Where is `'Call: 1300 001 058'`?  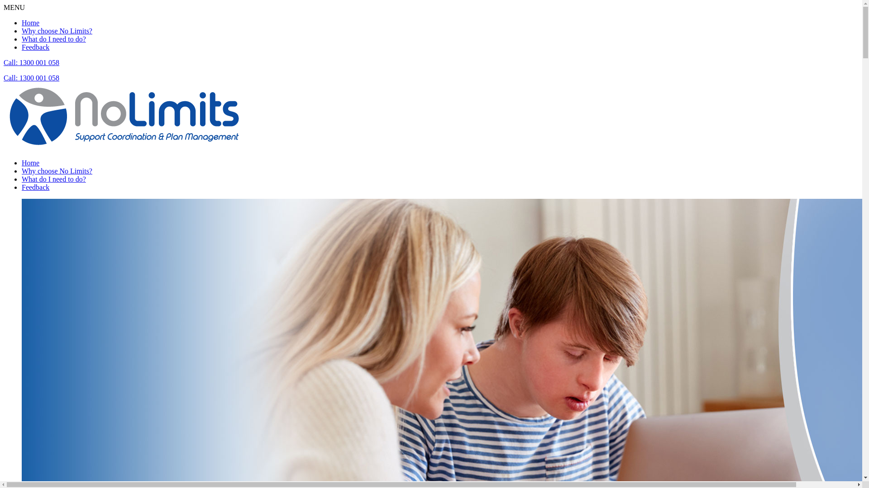
'Call: 1300 001 058' is located at coordinates (31, 62).